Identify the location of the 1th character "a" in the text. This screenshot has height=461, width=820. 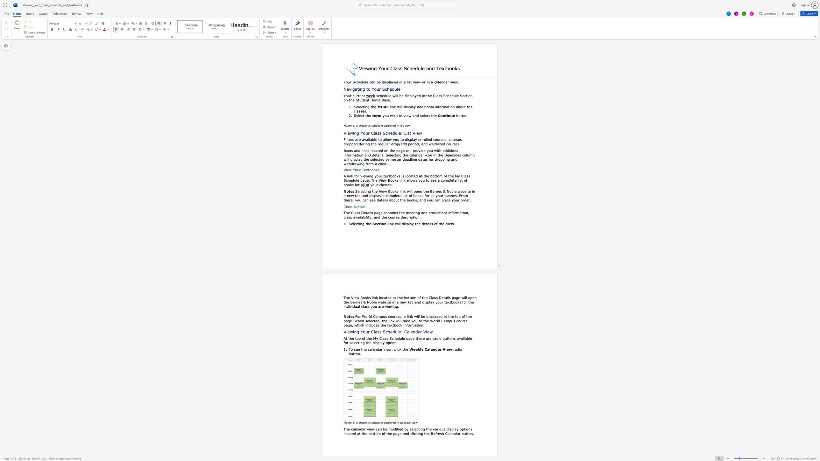
(390, 423).